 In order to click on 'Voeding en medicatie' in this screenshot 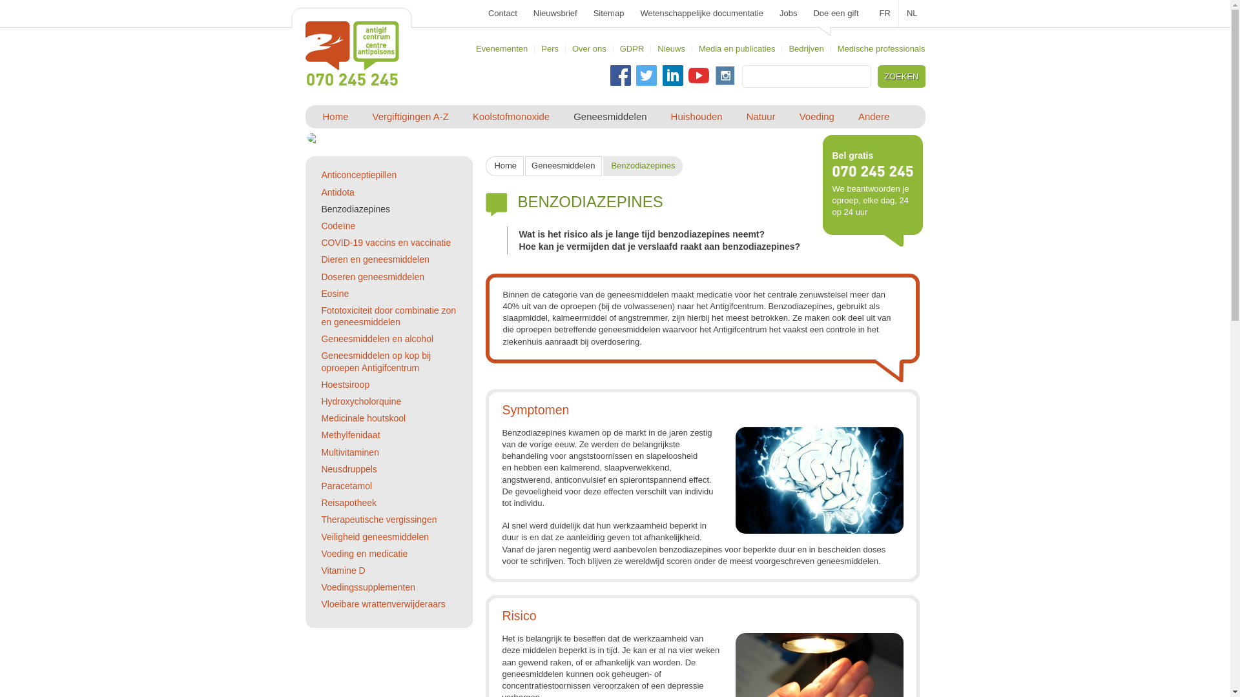, I will do `click(364, 552)`.